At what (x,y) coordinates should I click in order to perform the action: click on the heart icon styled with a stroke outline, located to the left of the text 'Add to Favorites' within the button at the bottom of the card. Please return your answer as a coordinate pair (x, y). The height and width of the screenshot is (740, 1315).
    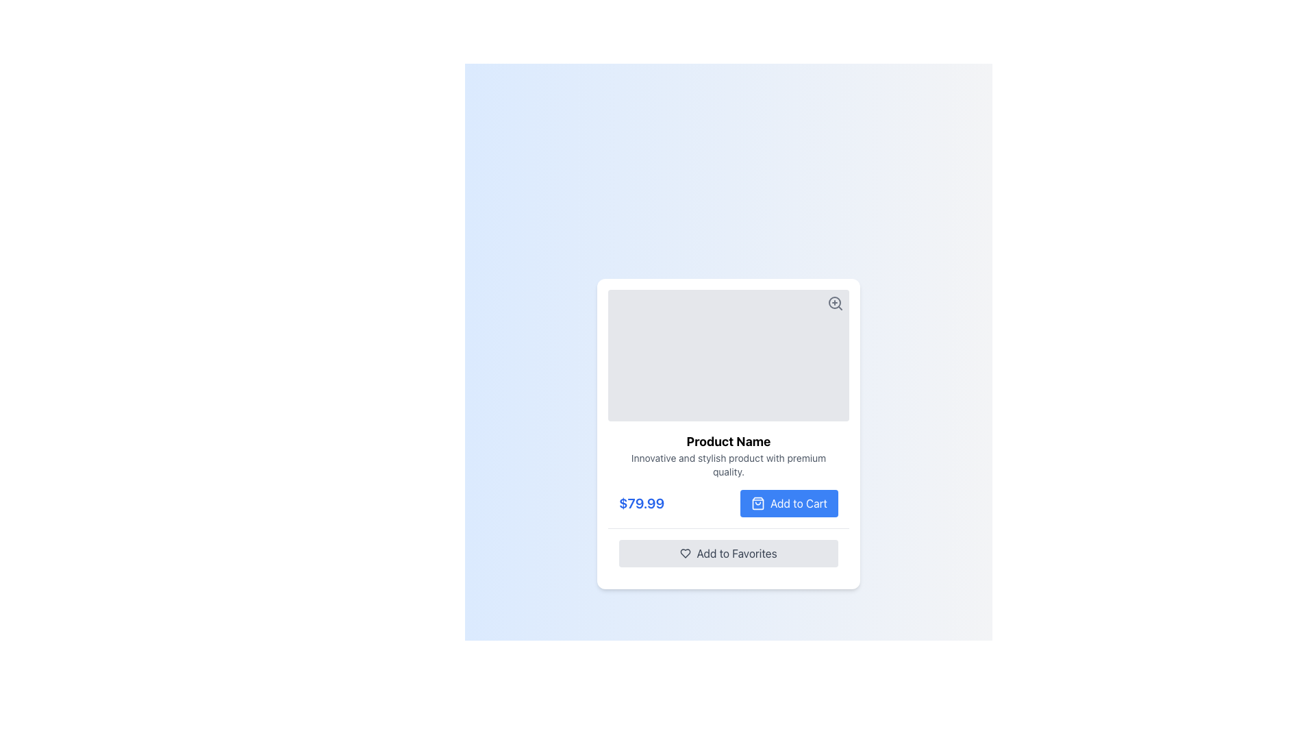
    Looking at the image, I should click on (686, 552).